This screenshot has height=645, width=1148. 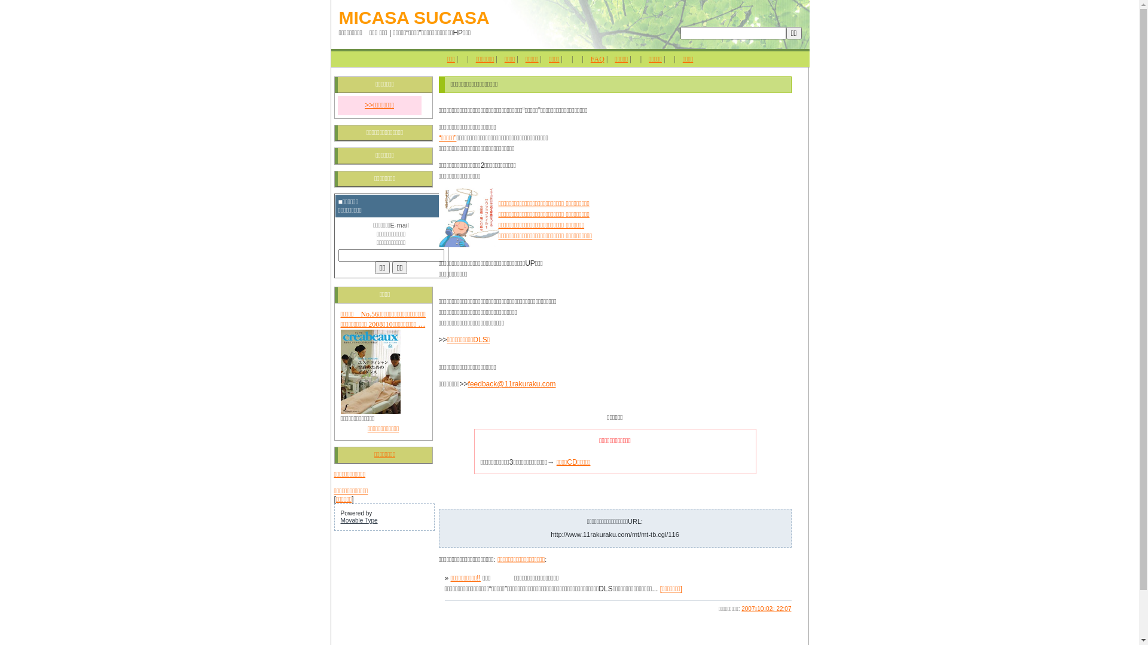 I want to click on 'FAQ', so click(x=597, y=59).